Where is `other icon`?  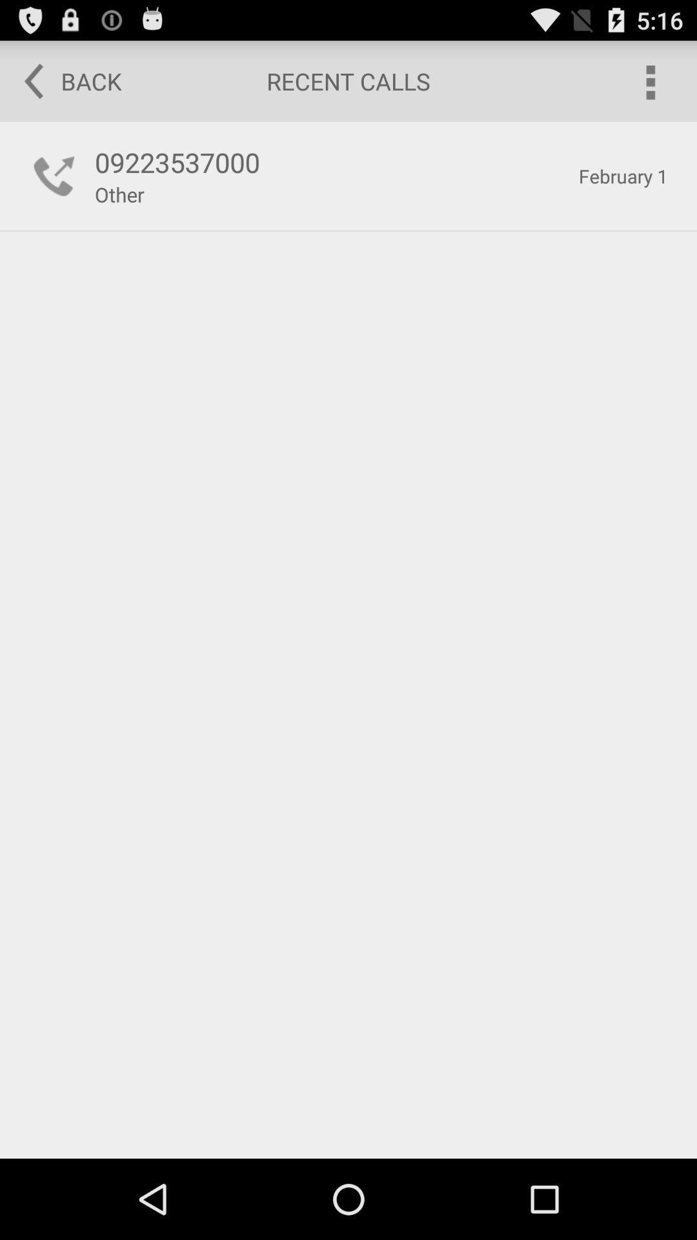
other icon is located at coordinates (119, 194).